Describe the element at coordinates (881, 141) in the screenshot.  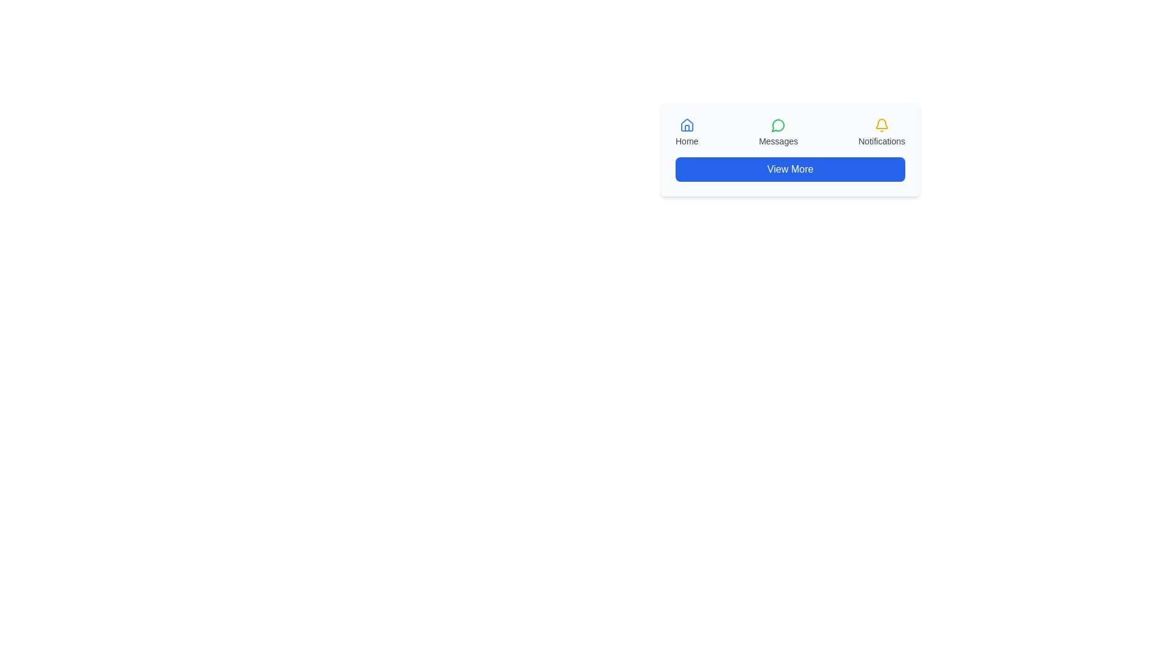
I see `the 'Notifications' text label element, which is styled with a small font size and grey color, located directly below the yellow bell icon` at that location.